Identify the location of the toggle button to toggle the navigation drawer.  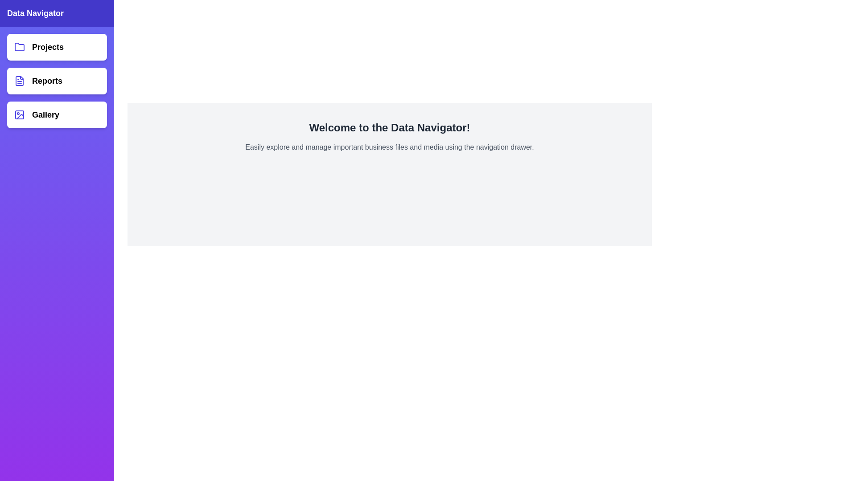
(17, 17).